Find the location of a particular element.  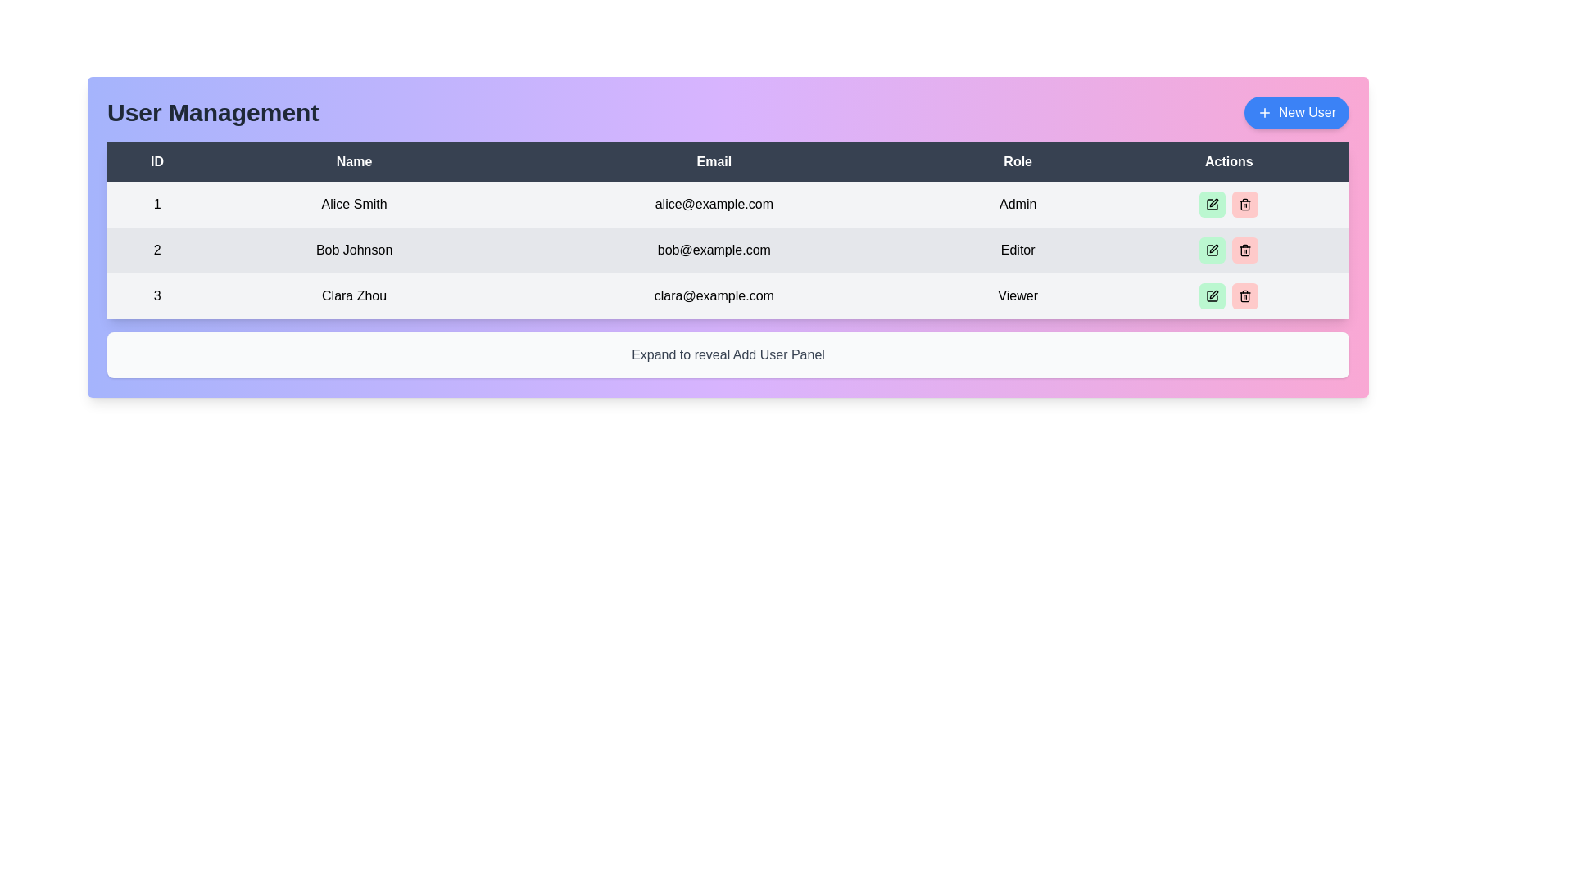

the edit button in the 'Actions' column of the table for the user with the role 'Editor' is located at coordinates (1213, 250).